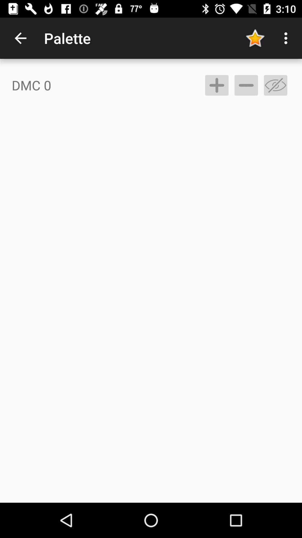 This screenshot has height=538, width=302. What do you see at coordinates (255, 38) in the screenshot?
I see `item next to the palette app` at bounding box center [255, 38].